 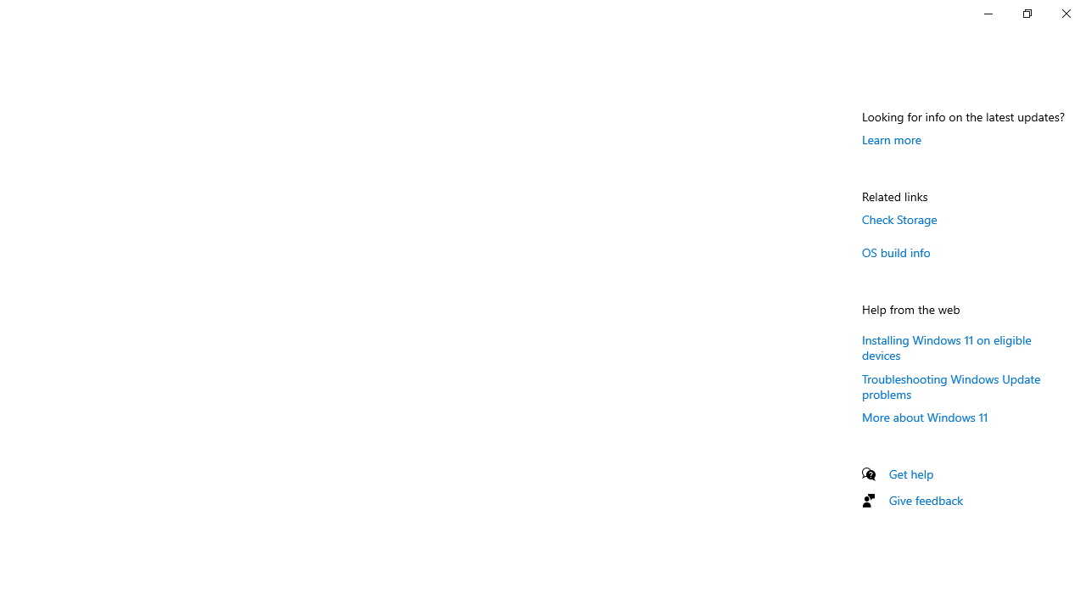 What do you see at coordinates (895, 252) in the screenshot?
I see `'OS build info'` at bounding box center [895, 252].